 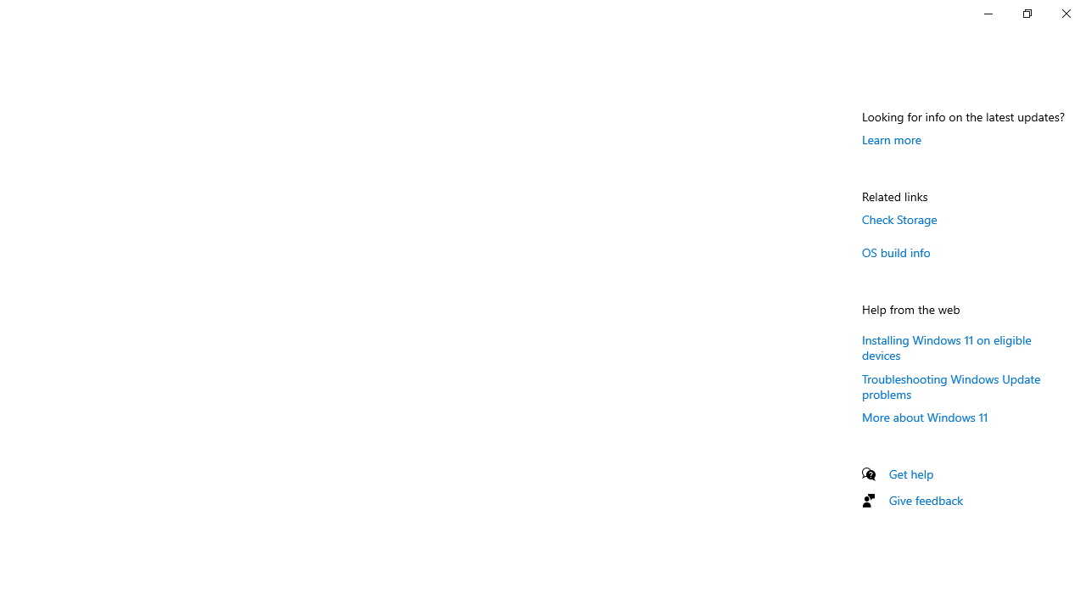 What do you see at coordinates (895, 252) in the screenshot?
I see `'OS build info'` at bounding box center [895, 252].